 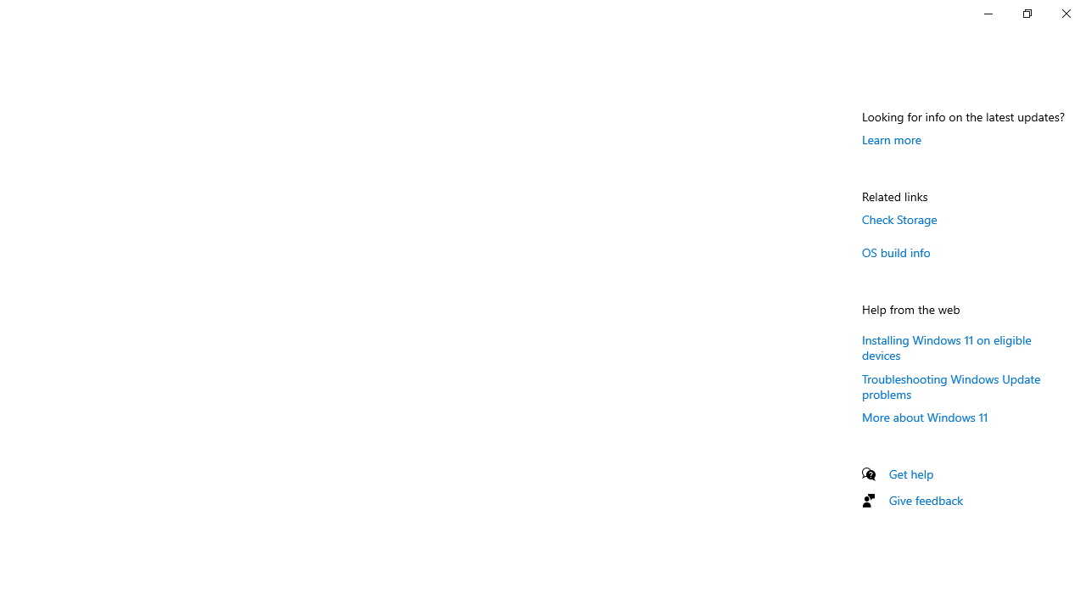 What do you see at coordinates (895, 252) in the screenshot?
I see `'OS build info'` at bounding box center [895, 252].